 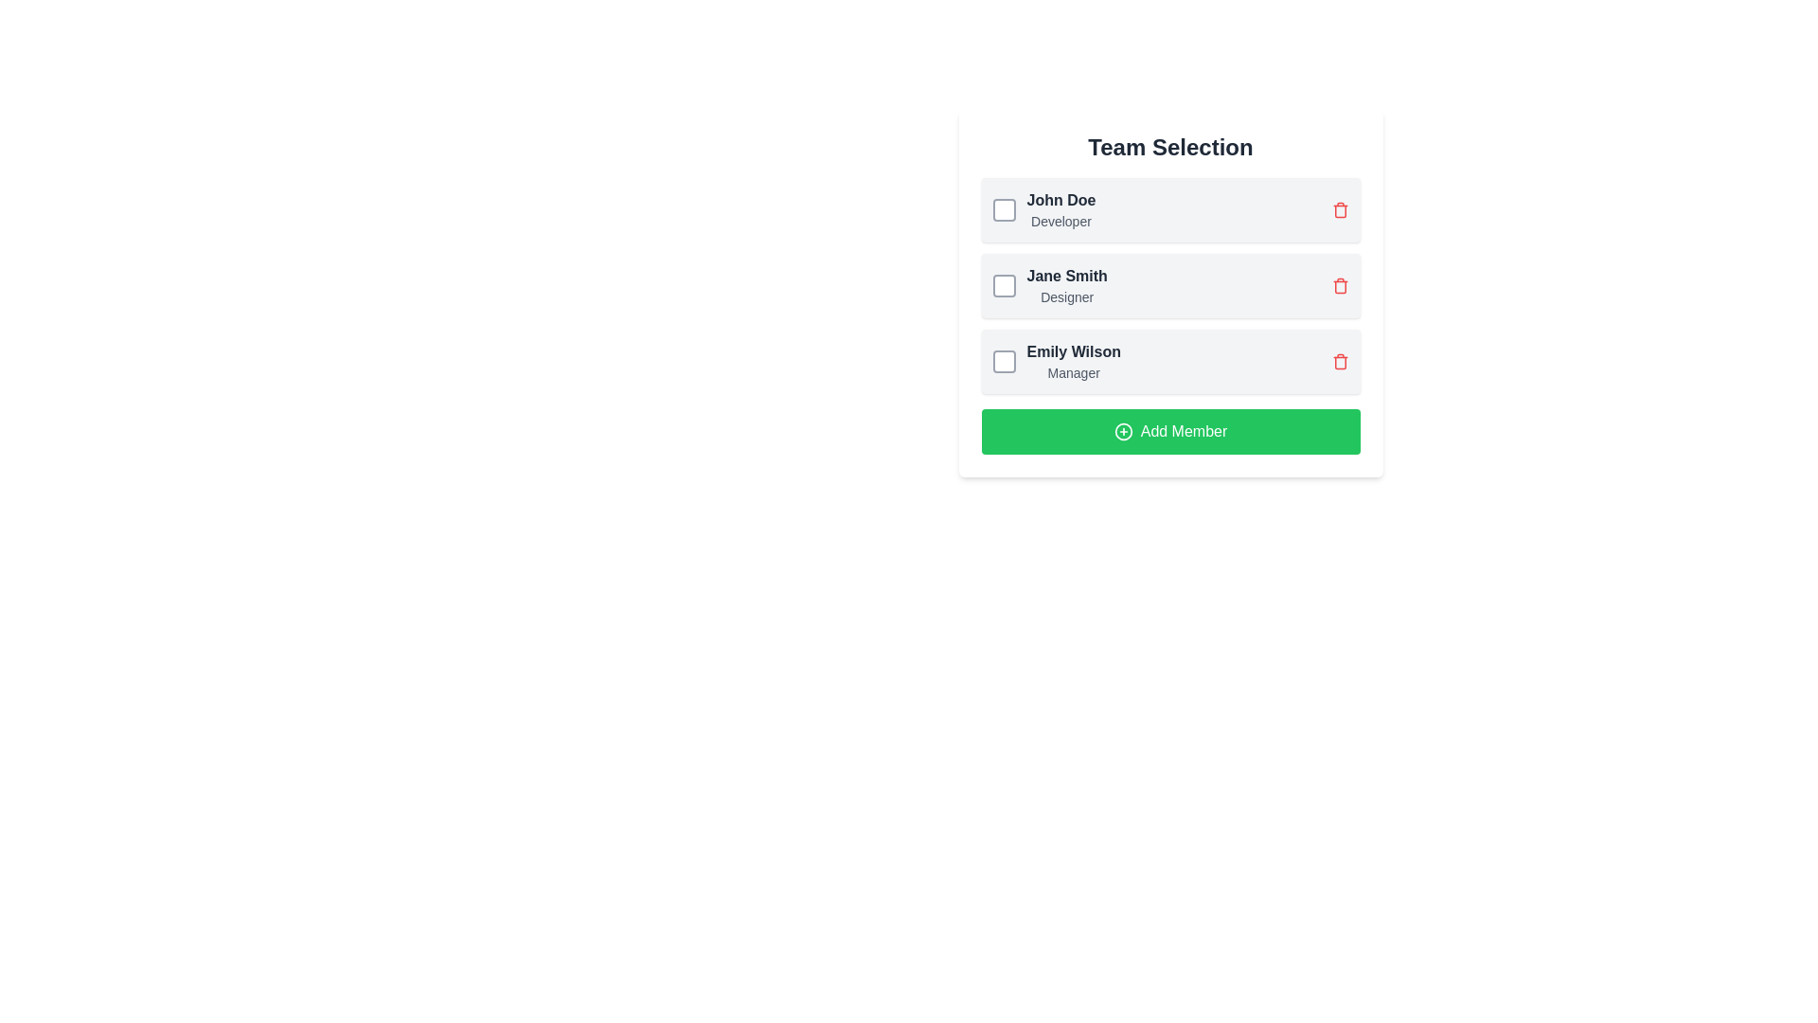 What do you see at coordinates (1003, 361) in the screenshot?
I see `the checkbox` at bounding box center [1003, 361].